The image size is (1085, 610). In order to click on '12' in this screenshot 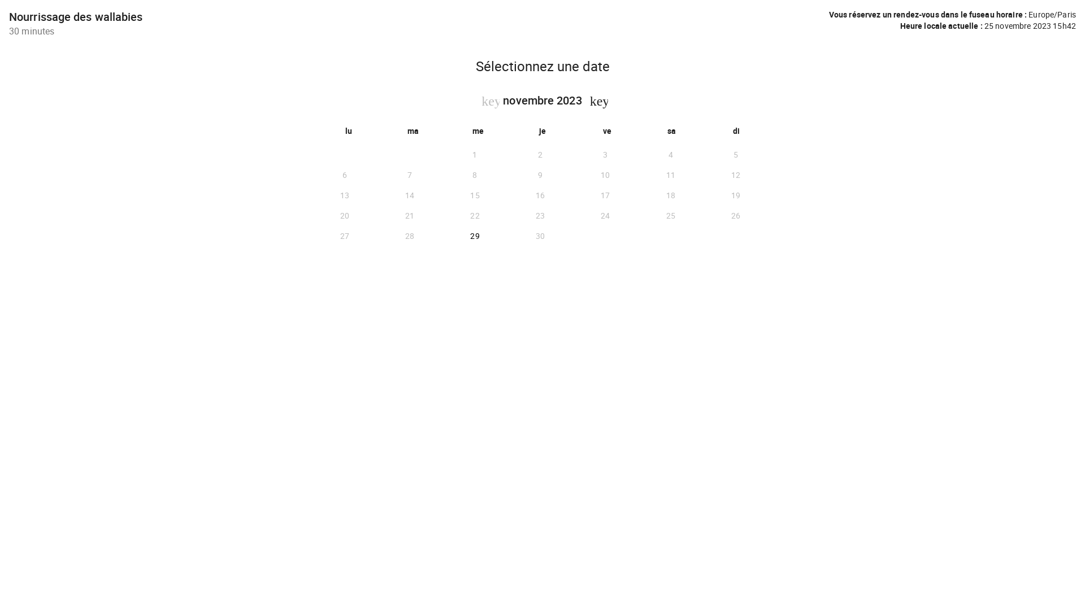, I will do `click(736, 175)`.